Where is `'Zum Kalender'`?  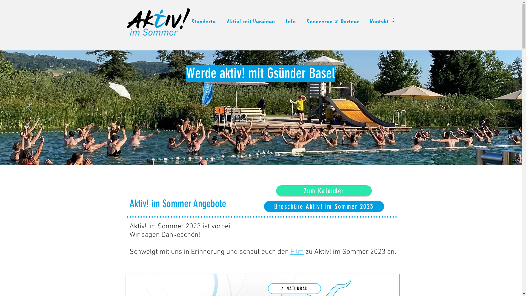 'Zum Kalender' is located at coordinates (324, 190).